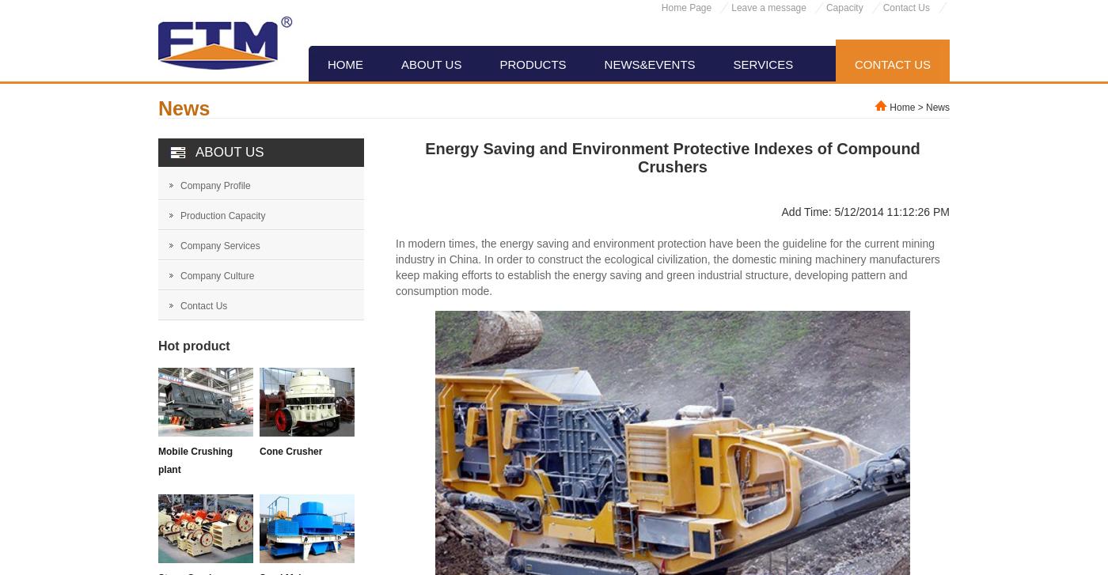 This screenshot has height=575, width=1108. What do you see at coordinates (180, 276) in the screenshot?
I see `'Company Culture'` at bounding box center [180, 276].